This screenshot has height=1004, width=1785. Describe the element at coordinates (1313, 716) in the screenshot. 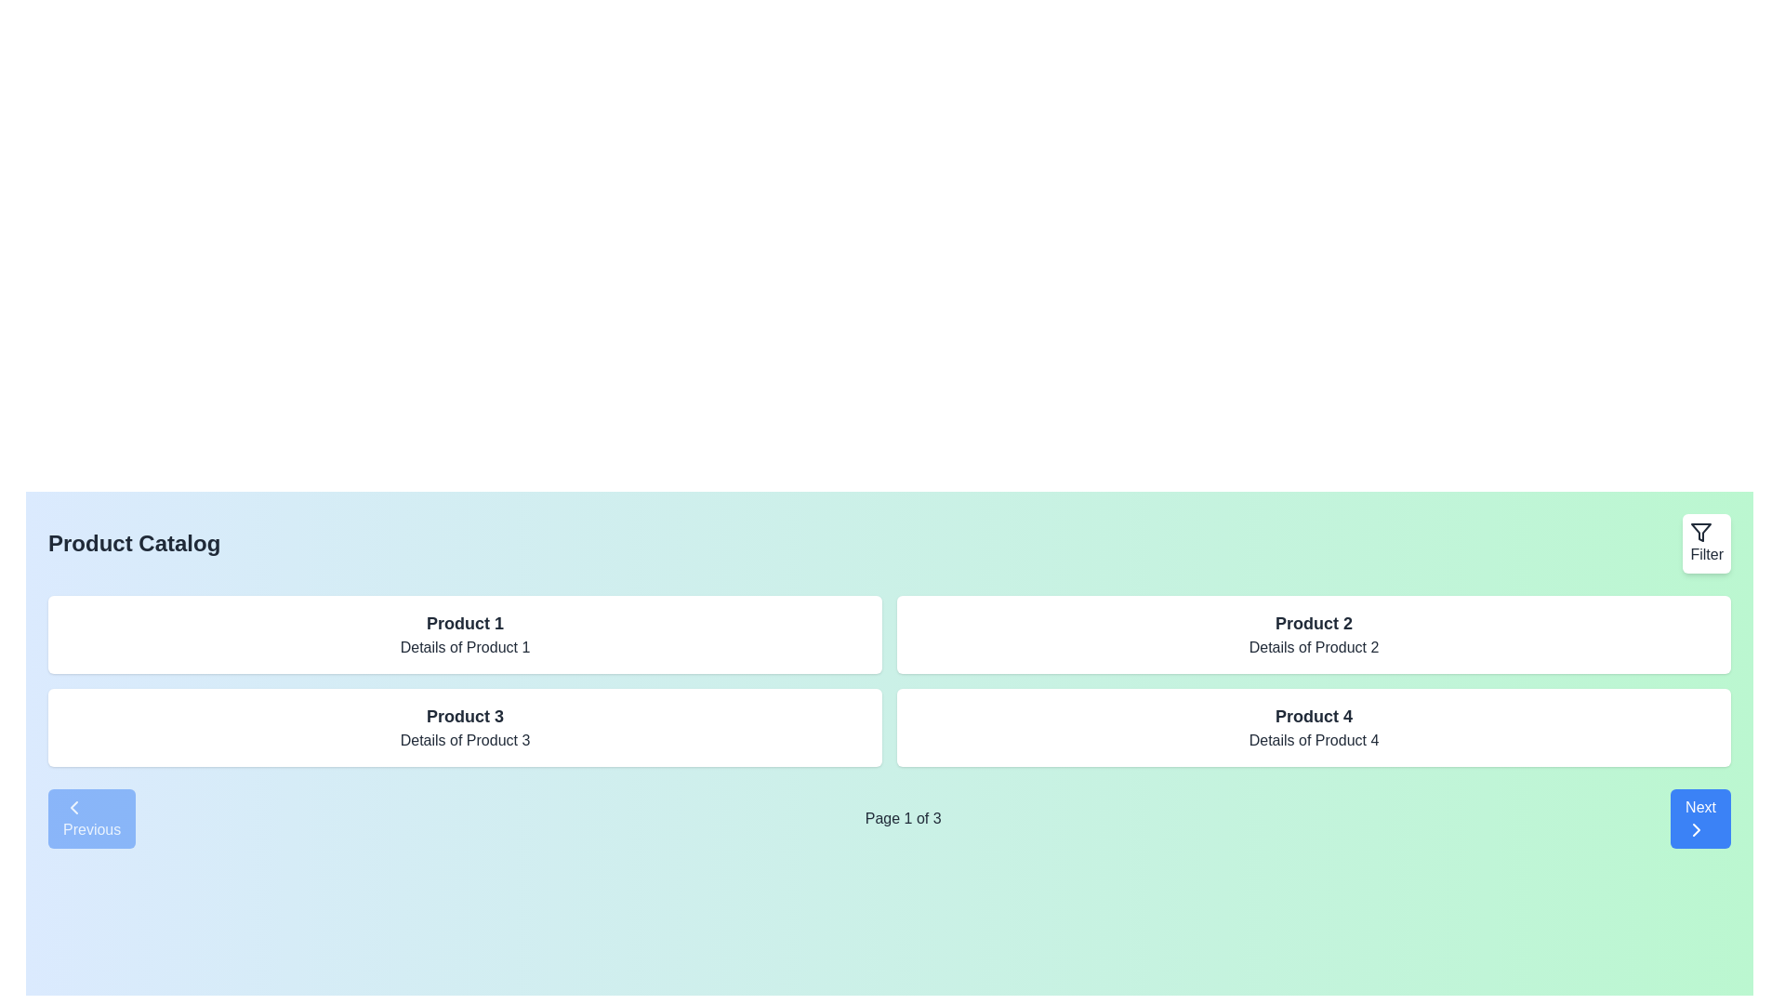

I see `the 'Product 4' text label in the fourth card of the product grid, which serves as an identifier for the corresponding product if it is linked` at that location.